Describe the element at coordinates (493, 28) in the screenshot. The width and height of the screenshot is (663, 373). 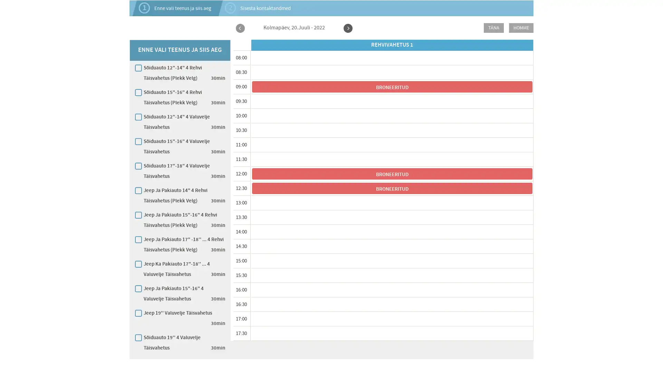
I see `TANA` at that location.